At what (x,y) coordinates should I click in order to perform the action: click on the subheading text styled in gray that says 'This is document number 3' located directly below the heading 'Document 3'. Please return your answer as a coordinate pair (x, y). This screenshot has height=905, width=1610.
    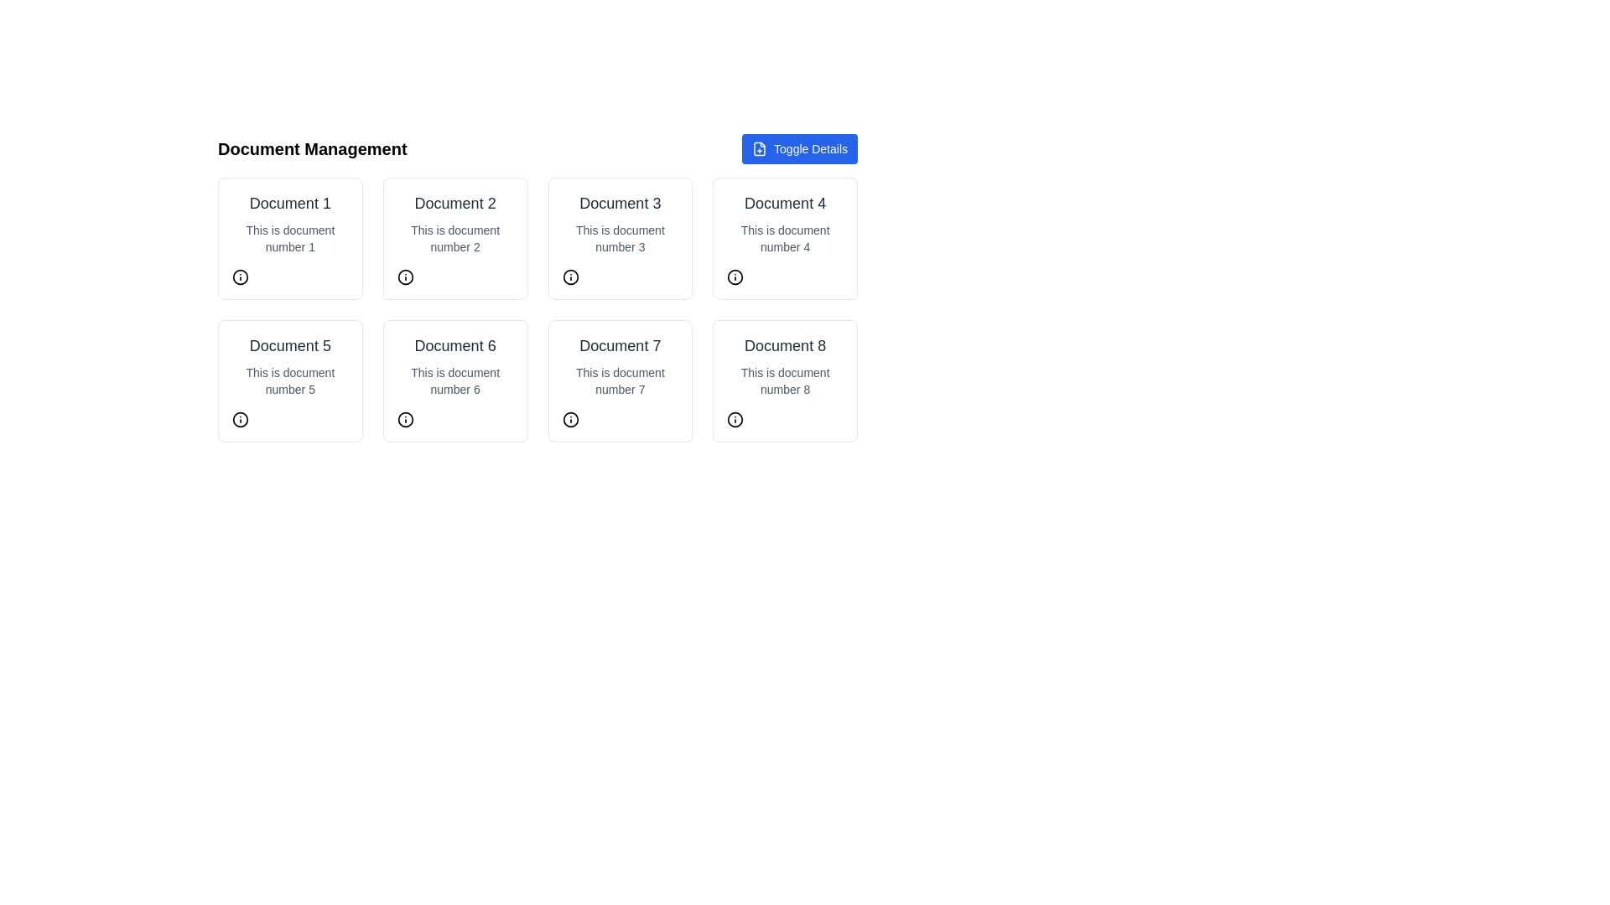
    Looking at the image, I should click on (619, 239).